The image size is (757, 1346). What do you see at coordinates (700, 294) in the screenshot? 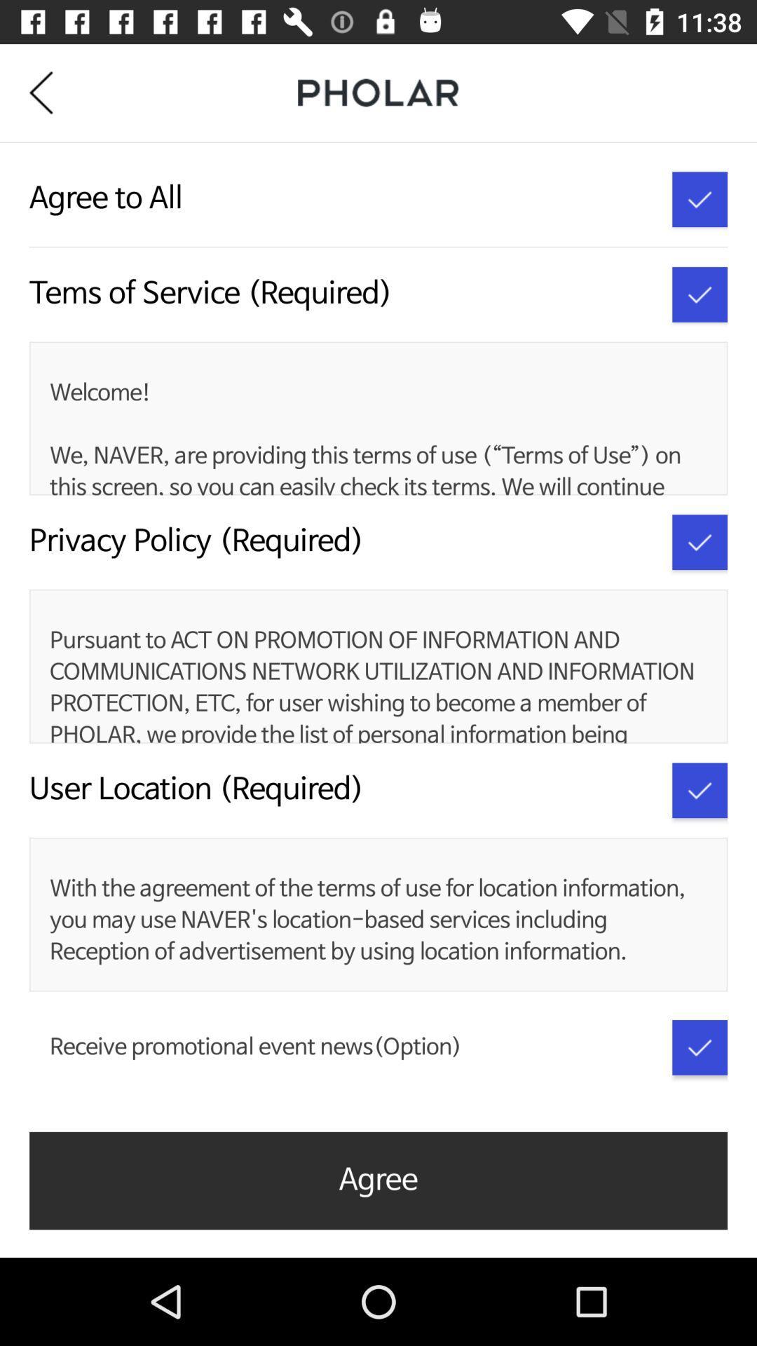
I see `terms of service acceptance` at bounding box center [700, 294].